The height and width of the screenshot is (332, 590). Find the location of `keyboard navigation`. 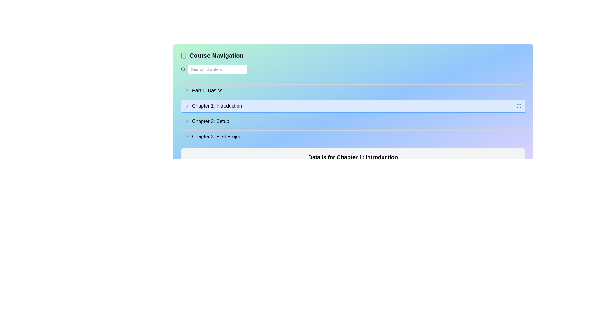

keyboard navigation is located at coordinates (187, 105).